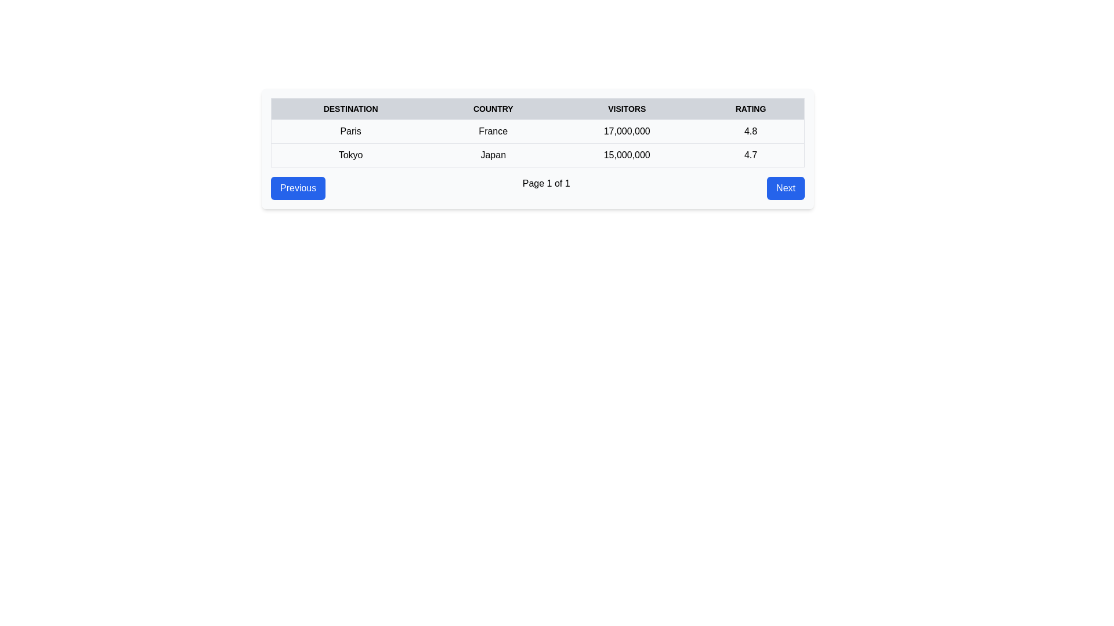 The width and height of the screenshot is (1114, 626). What do you see at coordinates (751, 154) in the screenshot?
I see `the text label displaying the rating for 'Tokyo' in the fourth cell of the second row under the 'RATING' header` at bounding box center [751, 154].